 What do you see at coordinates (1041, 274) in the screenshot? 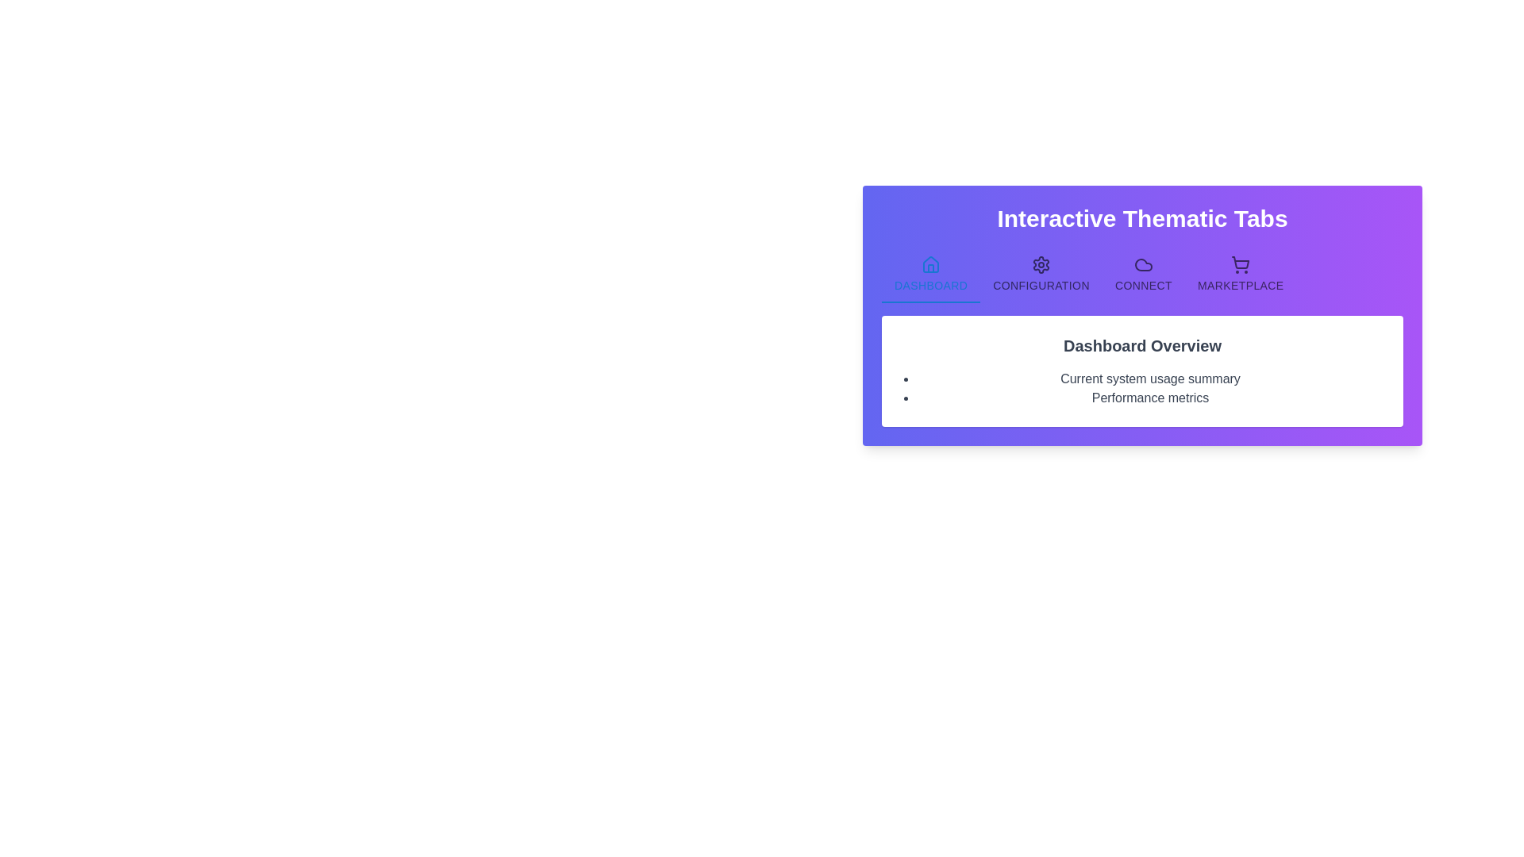
I see `the 'Configuration' tab in the tabbed navigation component` at bounding box center [1041, 274].